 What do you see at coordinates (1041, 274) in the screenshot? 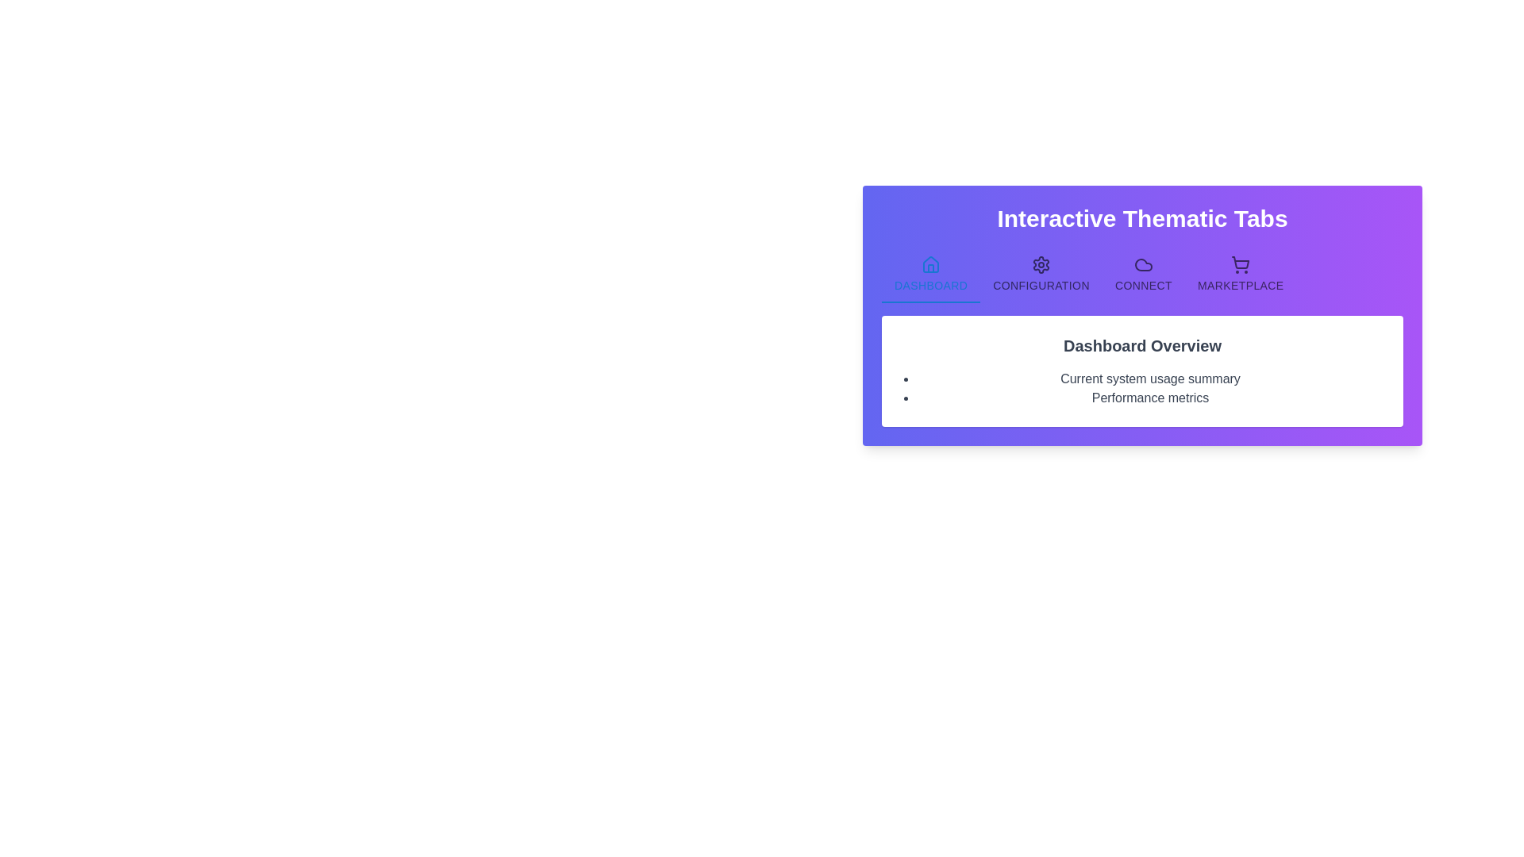
I see `the 'Configuration' tab in the tabbed navigation component` at bounding box center [1041, 274].